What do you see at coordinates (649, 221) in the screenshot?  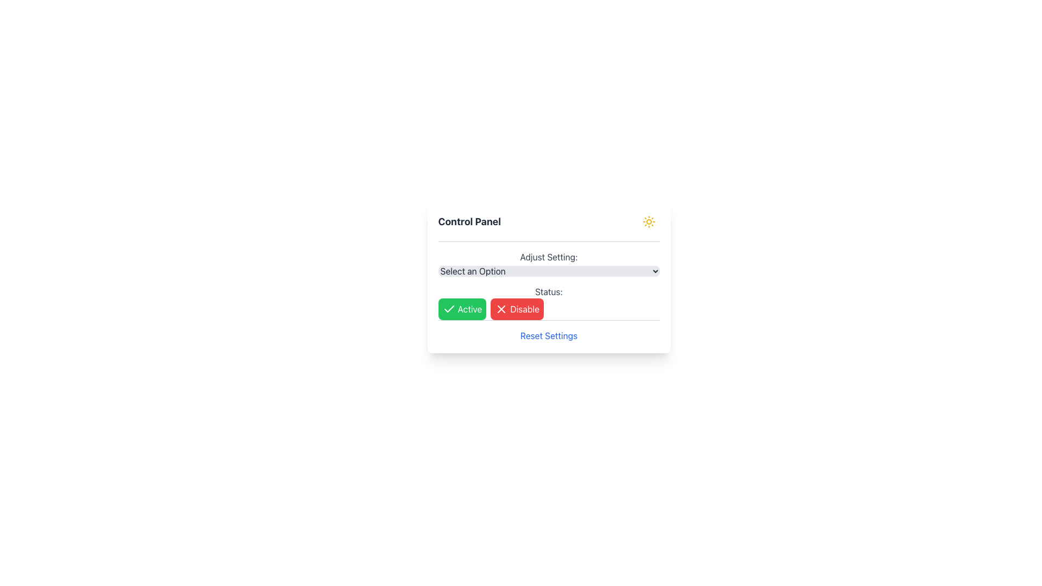 I see `the button located at the top right corner of the 'Control Panel' section` at bounding box center [649, 221].